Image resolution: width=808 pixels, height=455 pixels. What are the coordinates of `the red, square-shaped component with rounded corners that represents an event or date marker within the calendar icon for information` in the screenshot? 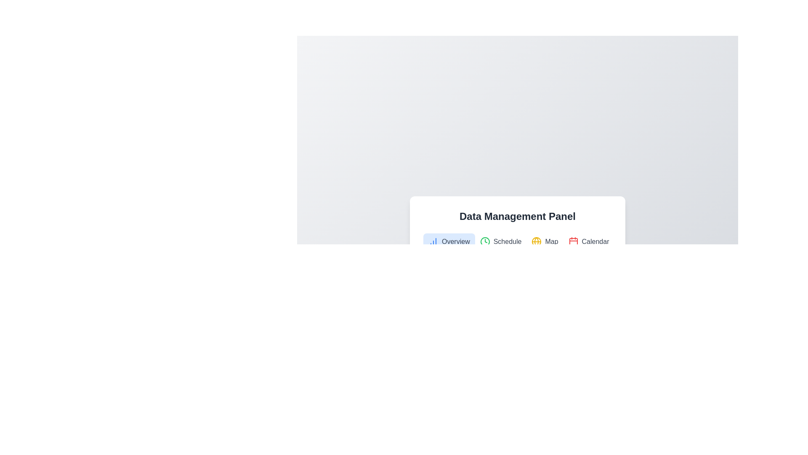 It's located at (573, 242).